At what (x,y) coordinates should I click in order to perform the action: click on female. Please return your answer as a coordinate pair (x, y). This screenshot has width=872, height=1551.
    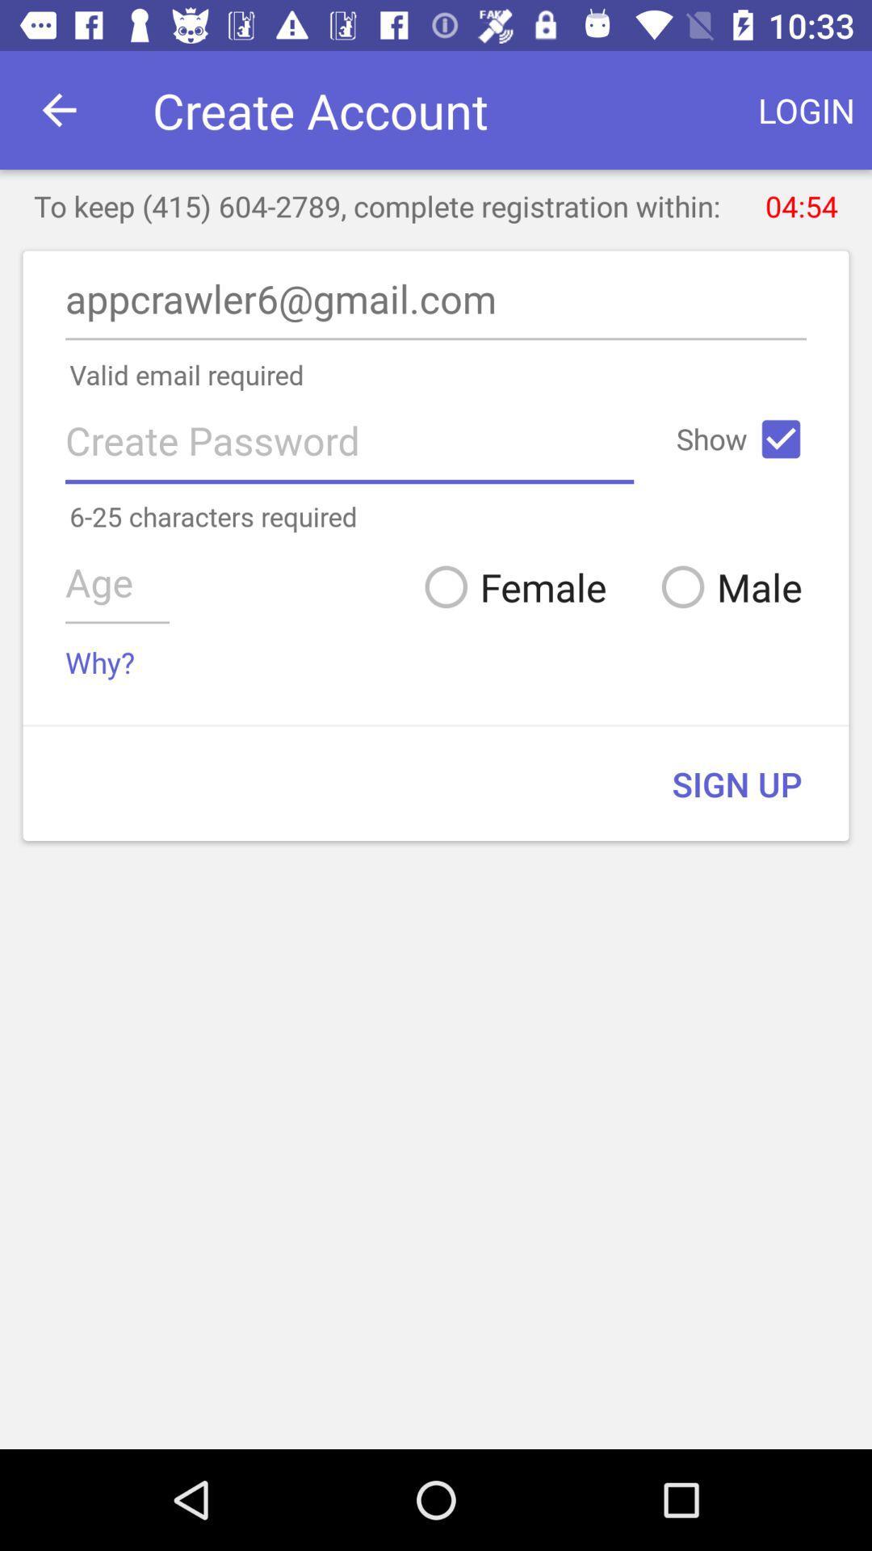
    Looking at the image, I should click on (509, 586).